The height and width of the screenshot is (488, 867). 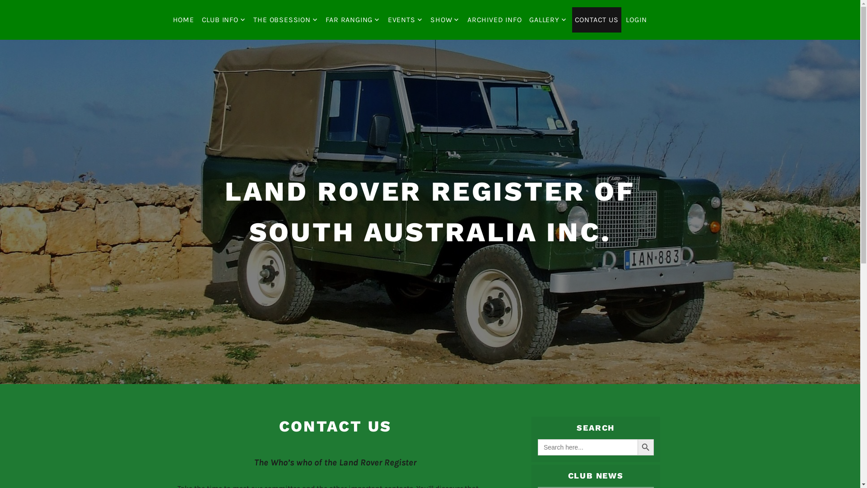 What do you see at coordinates (385, 19) in the screenshot?
I see `'EVENTS'` at bounding box center [385, 19].